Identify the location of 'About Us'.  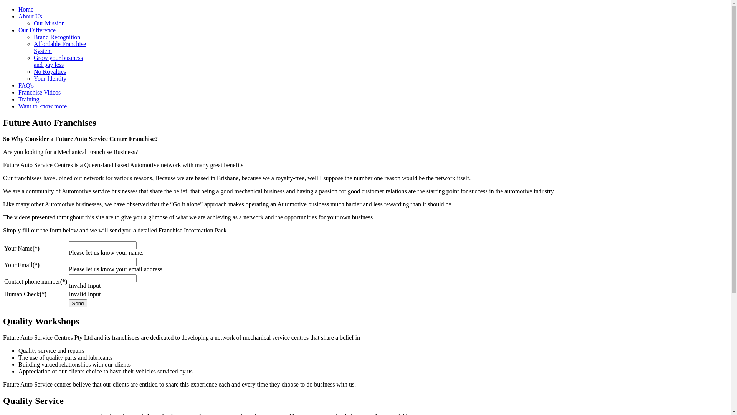
(30, 16).